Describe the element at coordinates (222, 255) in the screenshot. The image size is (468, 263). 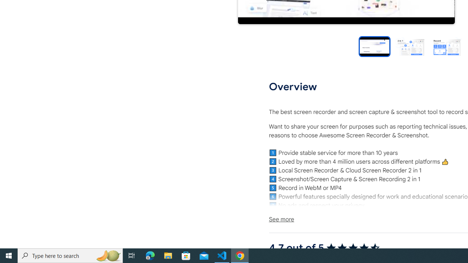
I see `'Visual Studio Code - 1 running window'` at that location.